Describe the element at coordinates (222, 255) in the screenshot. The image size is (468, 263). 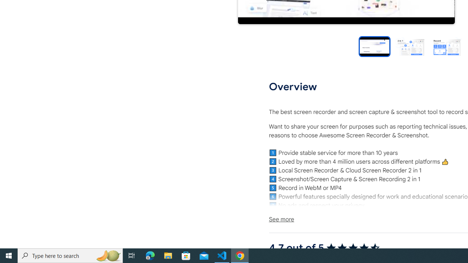
I see `'Visual Studio Code - 1 running window'` at that location.